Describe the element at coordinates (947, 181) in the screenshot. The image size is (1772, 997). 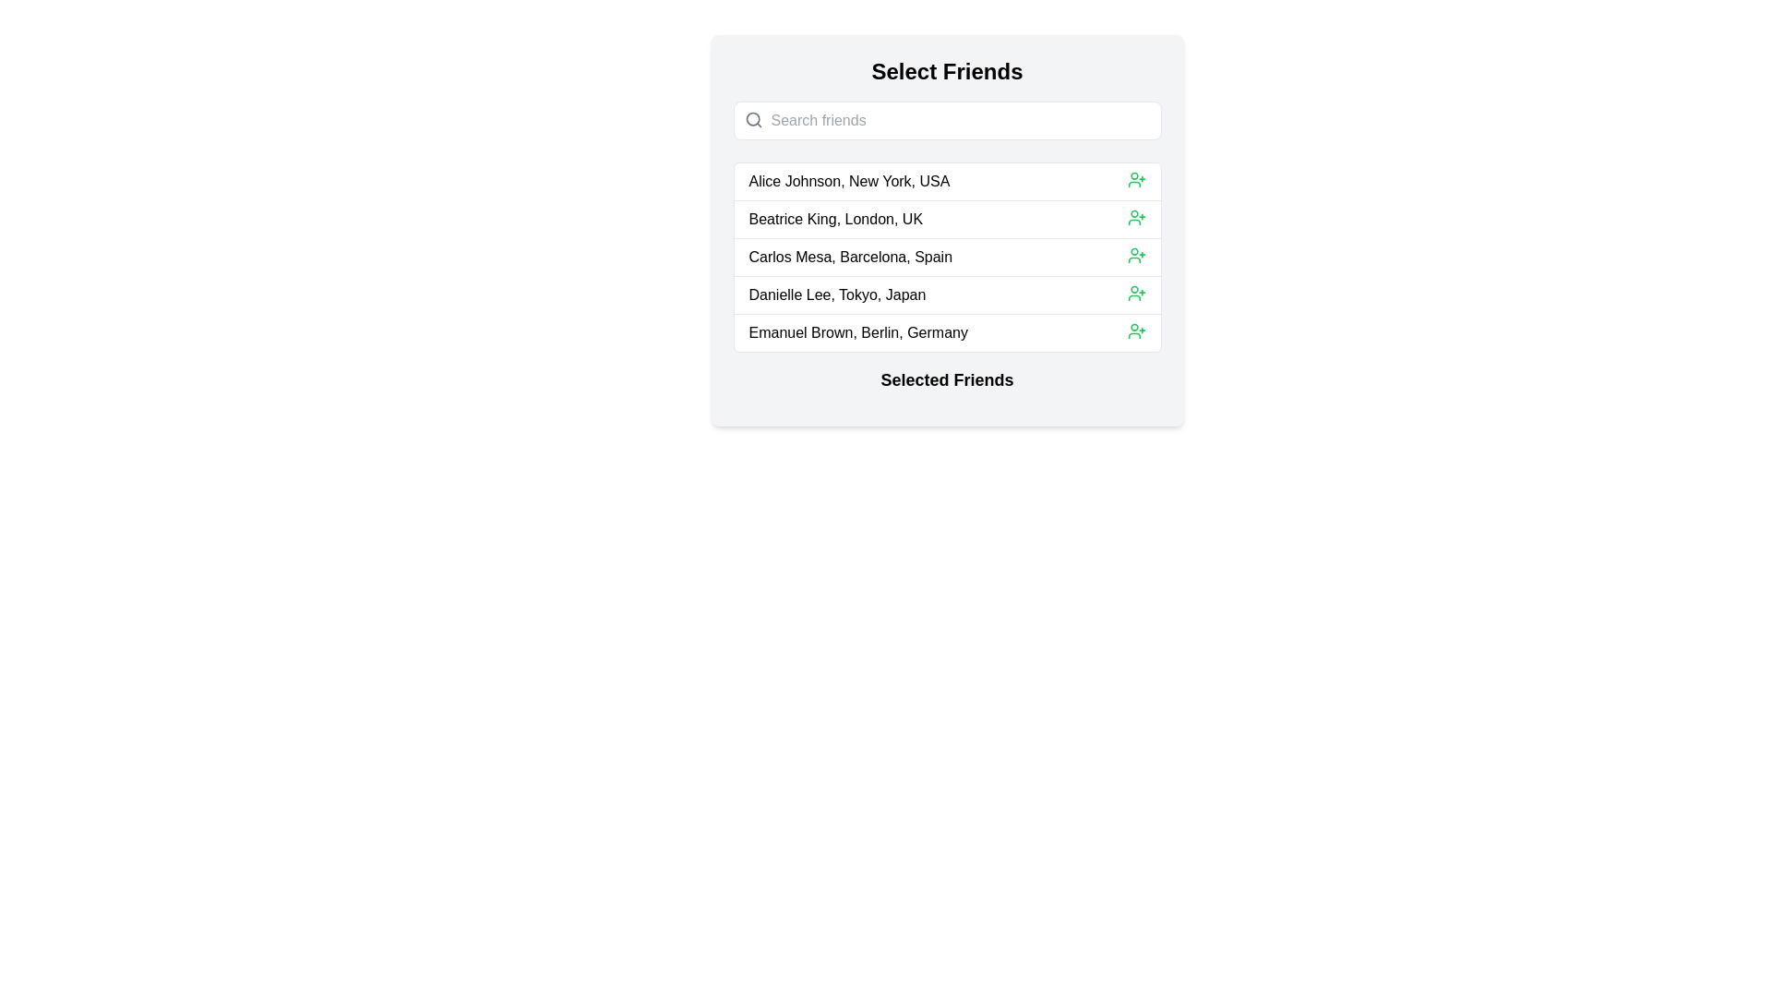
I see `the selectable entry for 'Alice Johnson, New York, USA' to focus or view details` at that location.